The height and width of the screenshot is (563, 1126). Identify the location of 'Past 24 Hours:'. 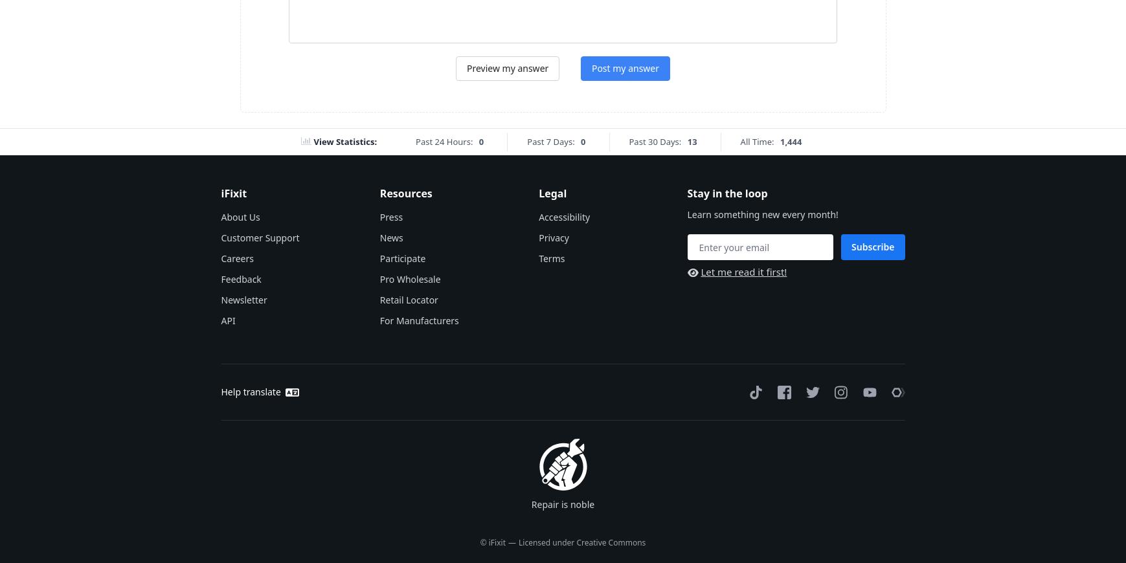
(444, 141).